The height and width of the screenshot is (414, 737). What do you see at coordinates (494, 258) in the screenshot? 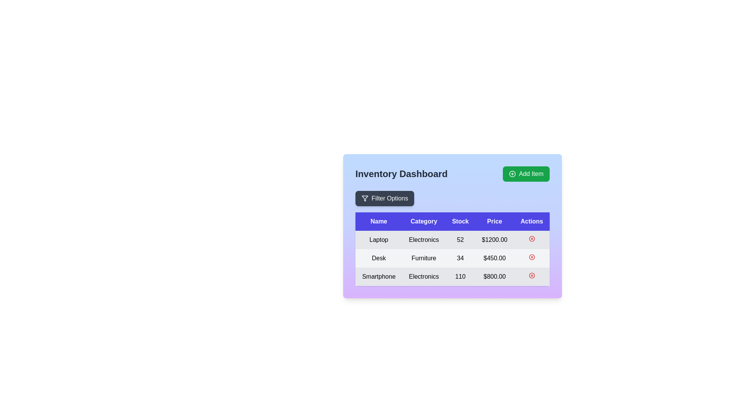
I see `the static text display showing the price of the 'Desk' item in the inventory table` at bounding box center [494, 258].